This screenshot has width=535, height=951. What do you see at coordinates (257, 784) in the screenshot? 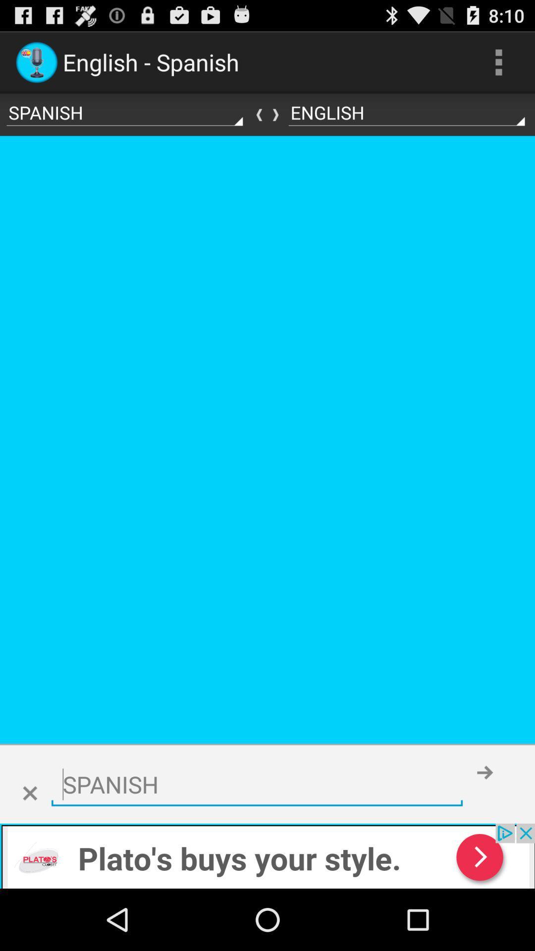
I see `choose the language` at bounding box center [257, 784].